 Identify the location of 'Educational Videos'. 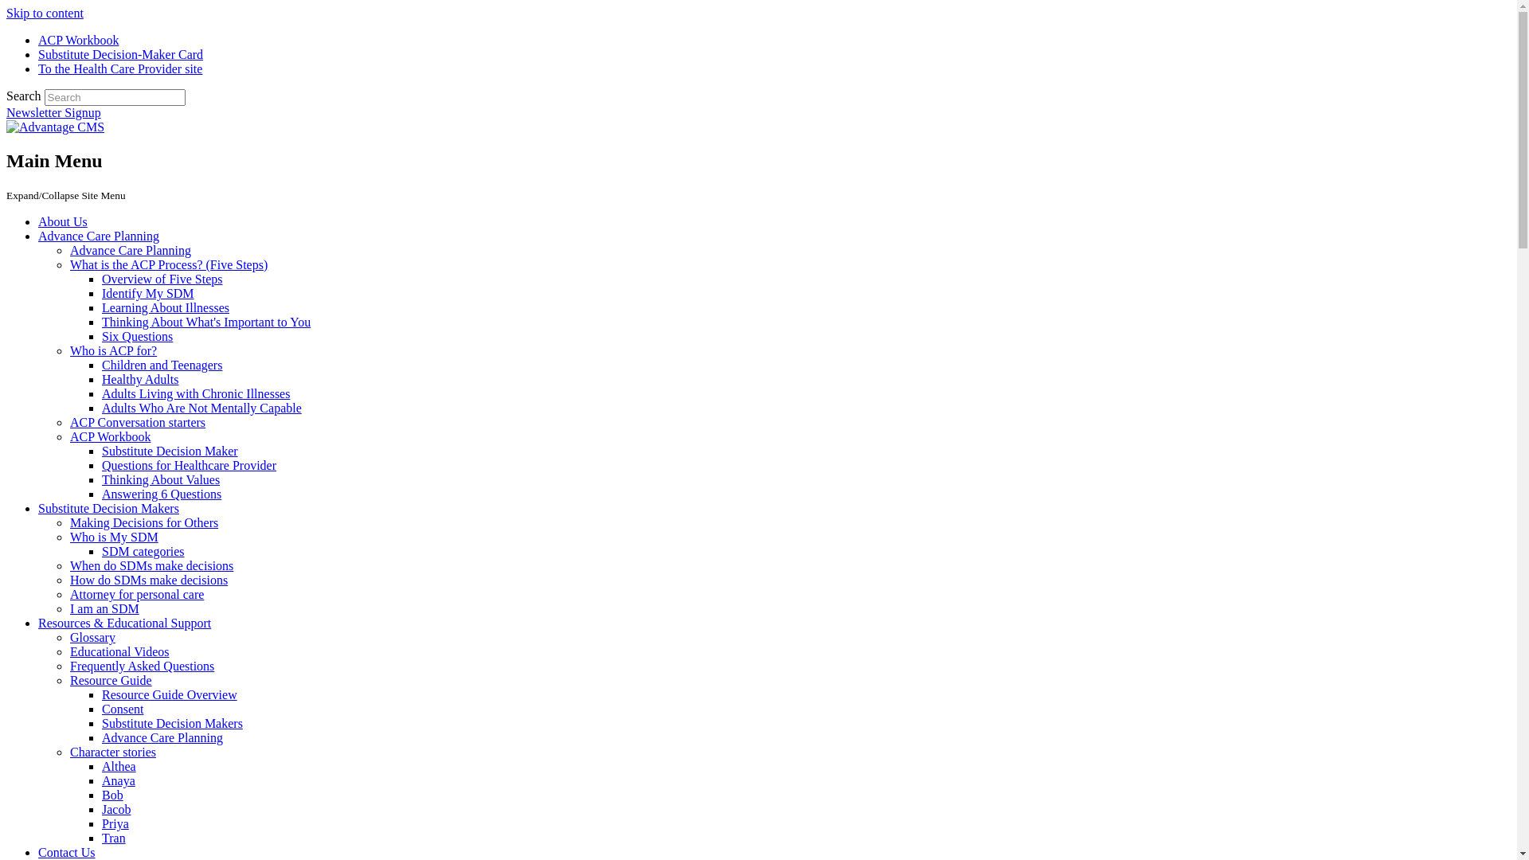
(68, 651).